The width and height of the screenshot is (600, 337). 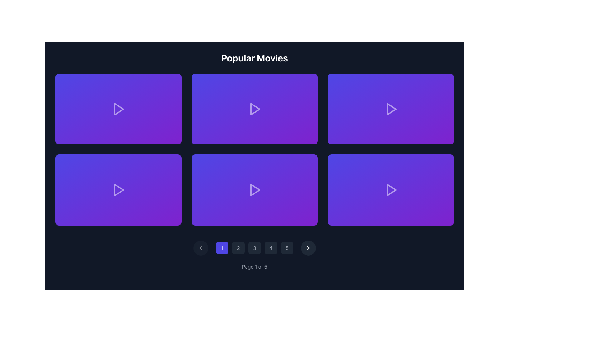 What do you see at coordinates (271, 247) in the screenshot?
I see `the fourth button in a horizontally aligned group of five buttons, which is labeled '4'` at bounding box center [271, 247].